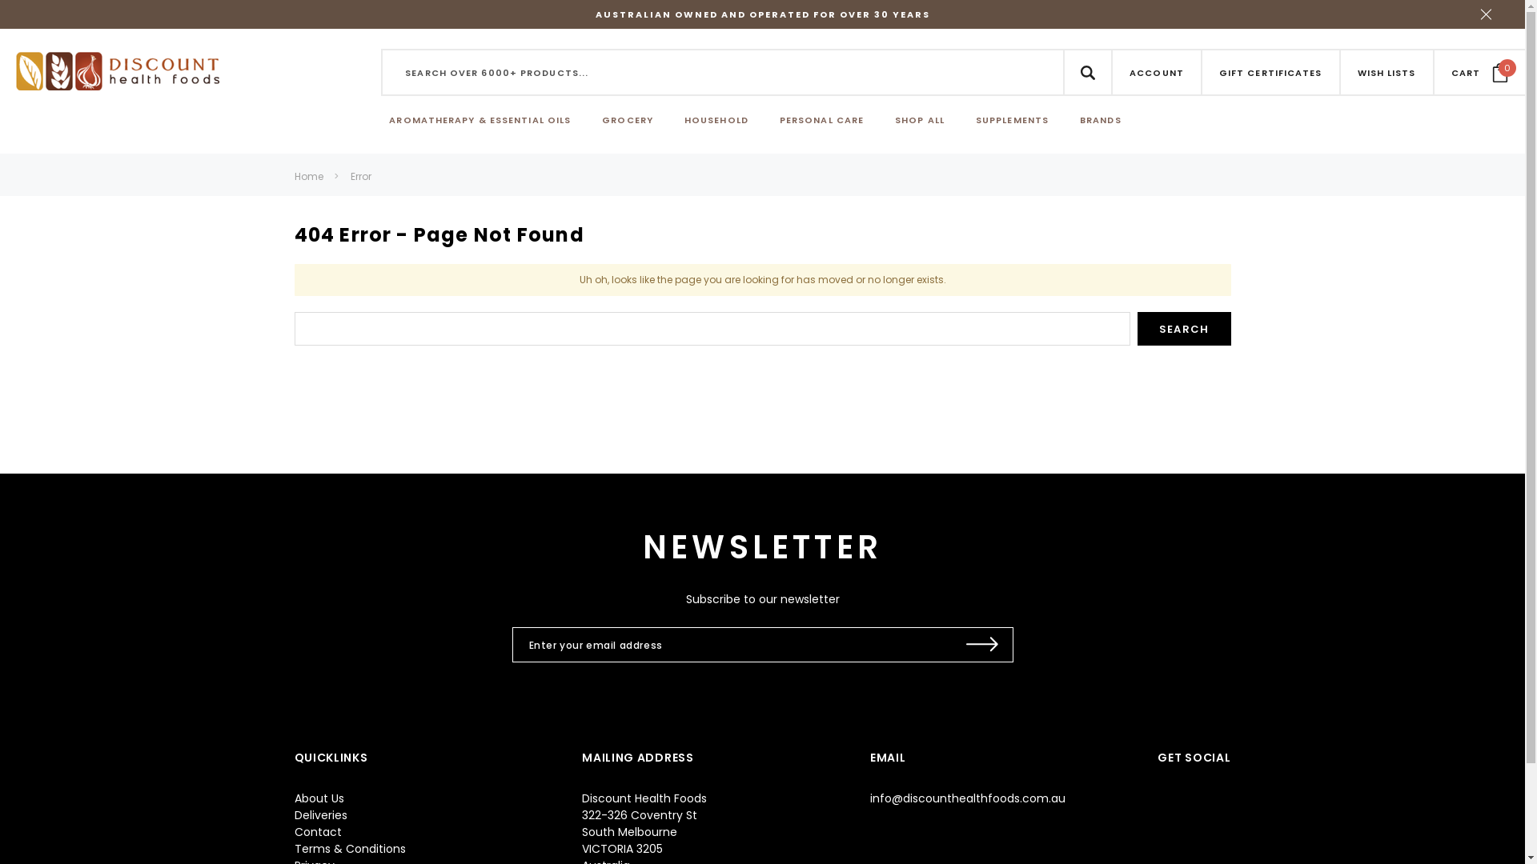  What do you see at coordinates (1451, 70) in the screenshot?
I see `'CART` at bounding box center [1451, 70].